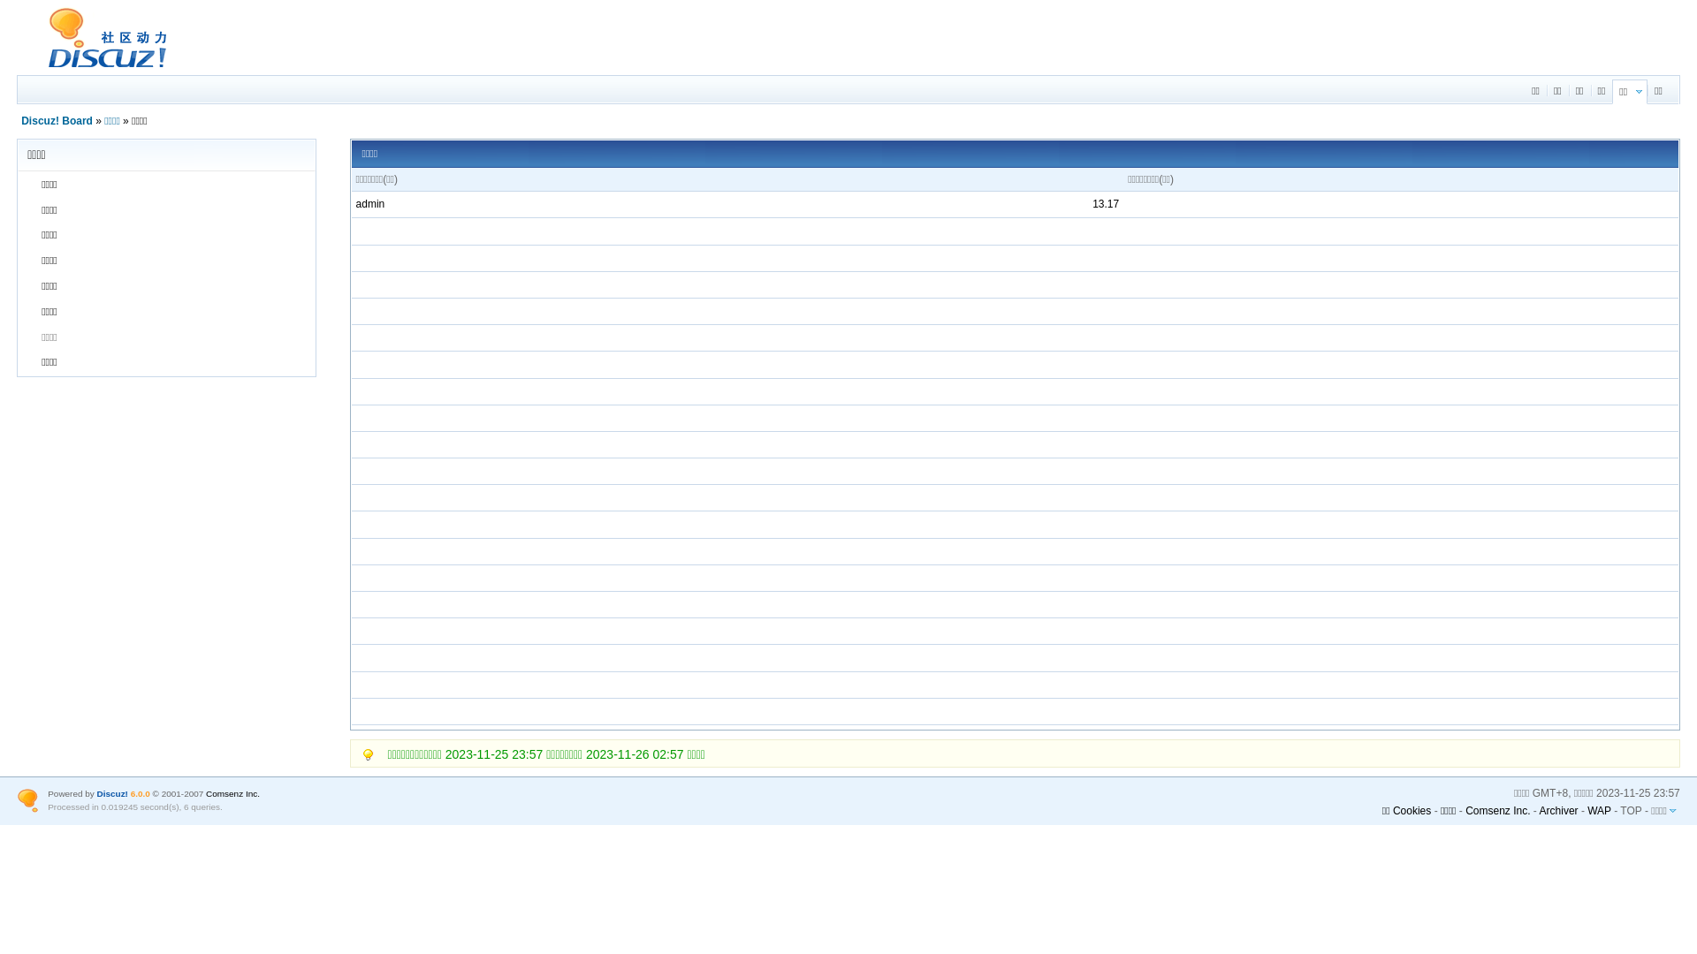 Image resolution: width=1697 pixels, height=954 pixels. What do you see at coordinates (232, 792) in the screenshot?
I see `'Comsenz Inc.'` at bounding box center [232, 792].